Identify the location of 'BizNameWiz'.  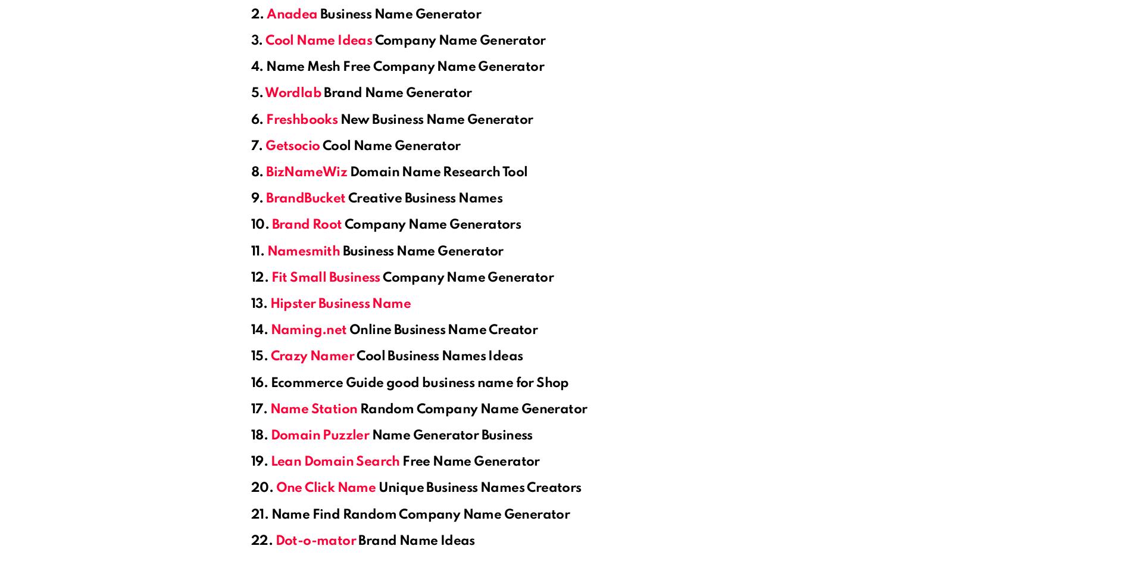
(265, 173).